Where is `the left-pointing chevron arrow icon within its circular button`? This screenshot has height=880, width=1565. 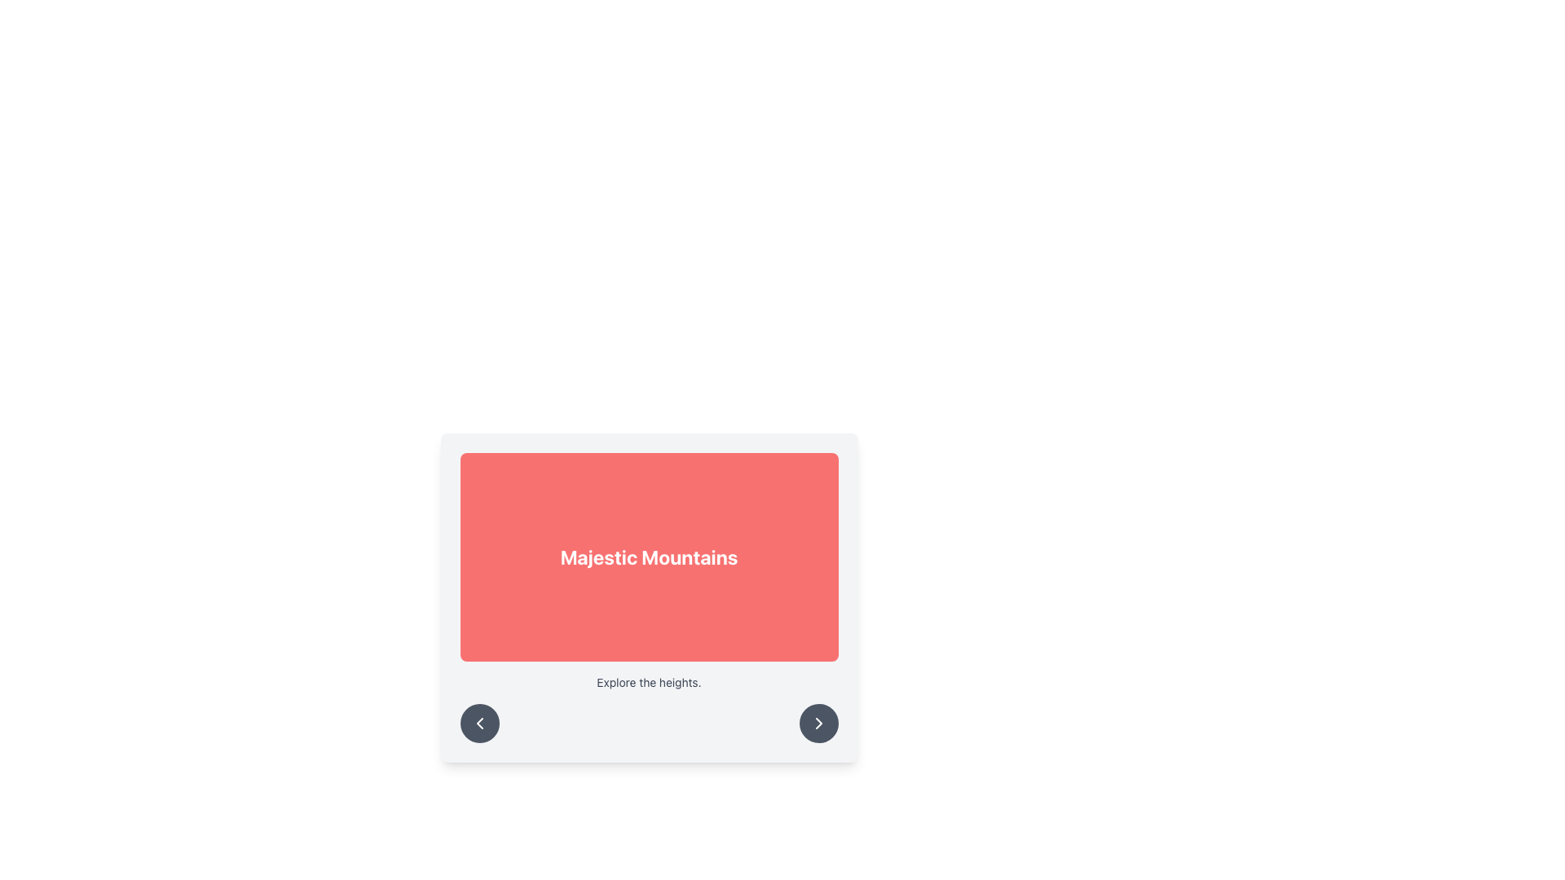 the left-pointing chevron arrow icon within its circular button is located at coordinates (478, 722).